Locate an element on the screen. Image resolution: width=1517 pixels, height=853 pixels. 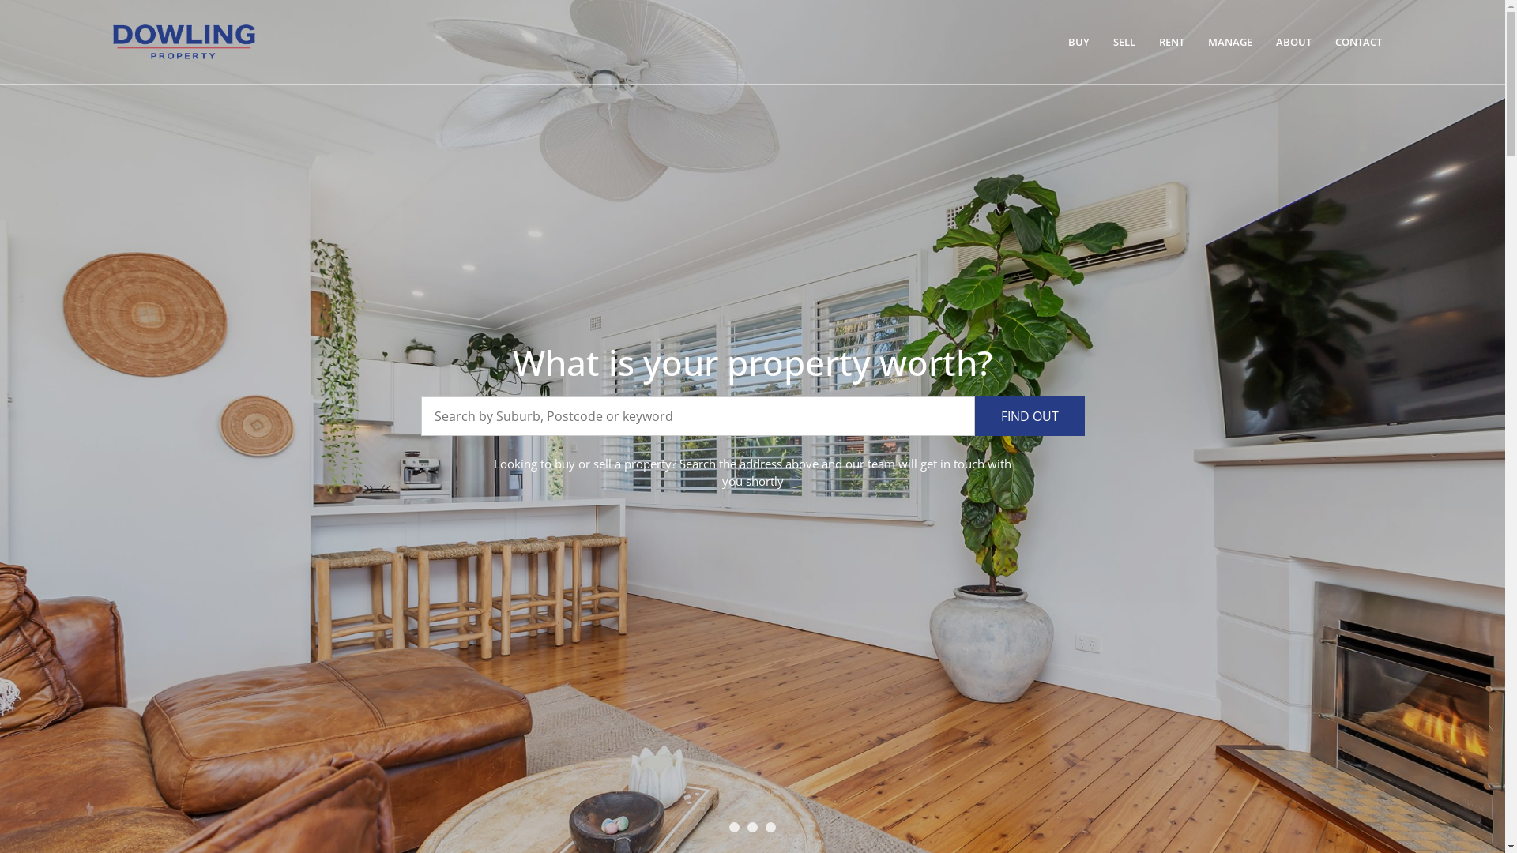
'ABOUT' is located at coordinates (1293, 41).